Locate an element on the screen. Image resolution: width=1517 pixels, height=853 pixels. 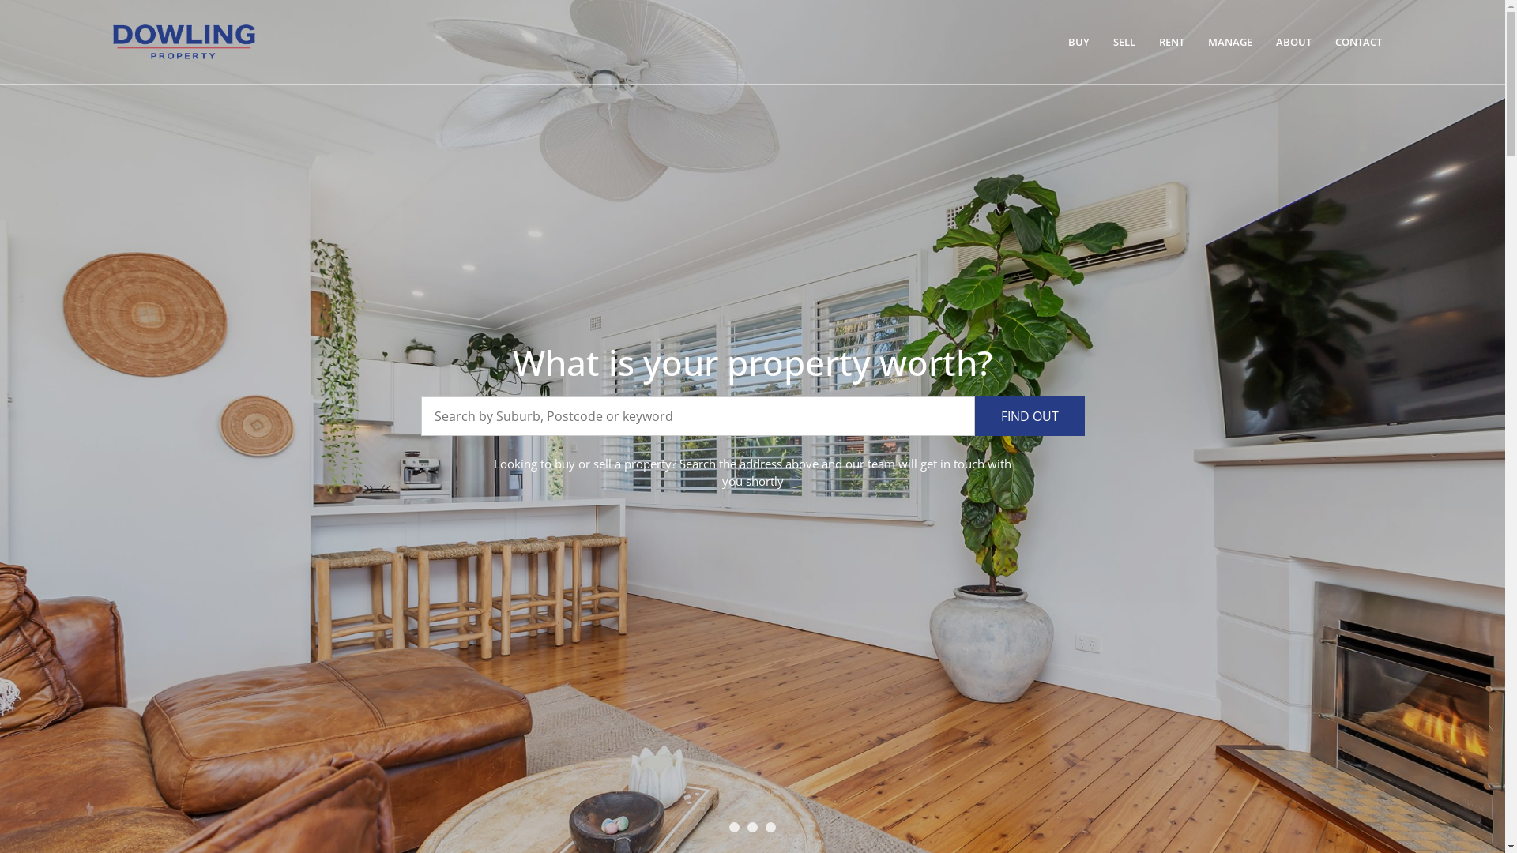
'ABOUT' is located at coordinates (1293, 41).